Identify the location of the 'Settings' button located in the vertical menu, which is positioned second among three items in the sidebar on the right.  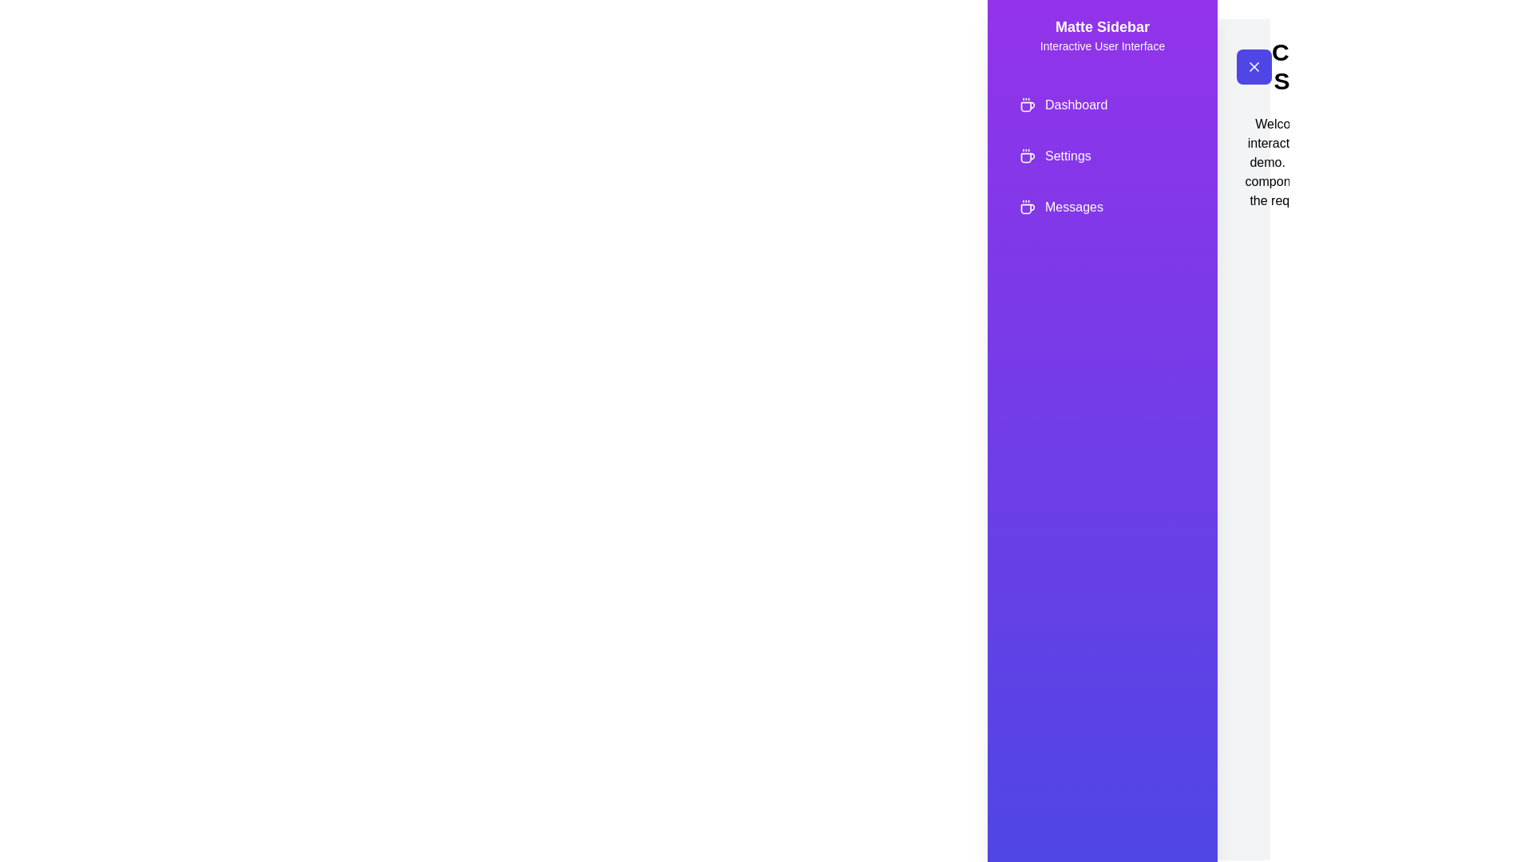
(1102, 156).